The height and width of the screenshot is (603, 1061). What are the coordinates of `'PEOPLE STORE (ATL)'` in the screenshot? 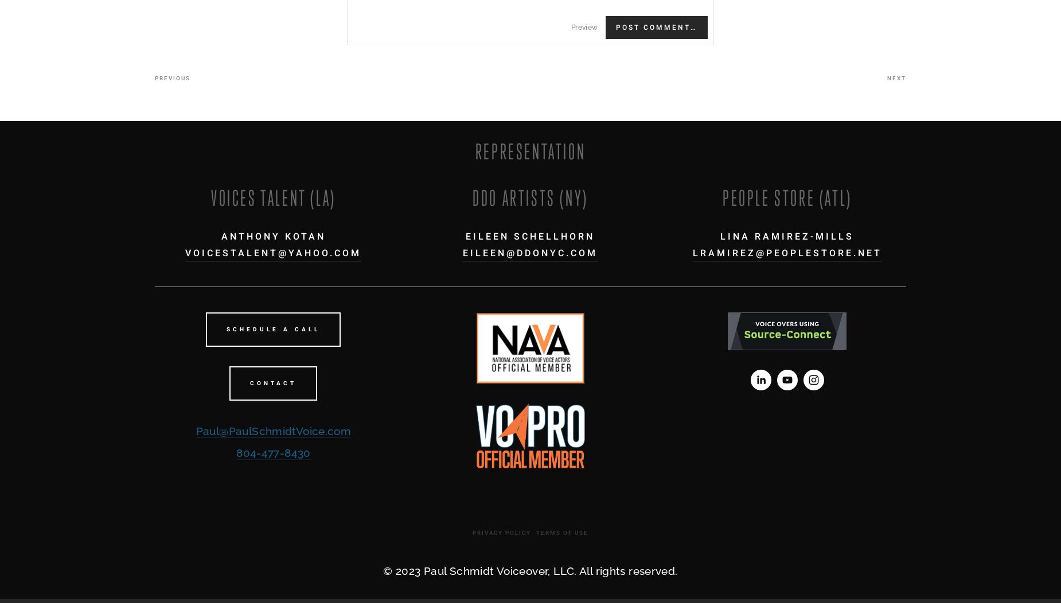 It's located at (786, 197).